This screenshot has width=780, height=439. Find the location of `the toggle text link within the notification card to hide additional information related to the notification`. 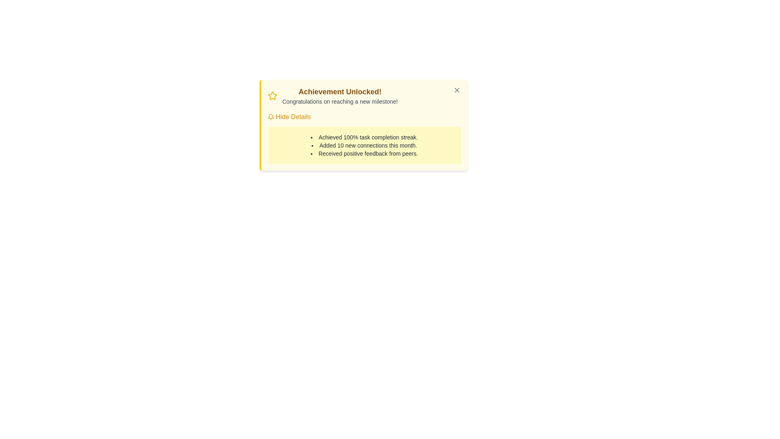

the toggle text link within the notification card to hide additional information related to the notification is located at coordinates (292, 117).